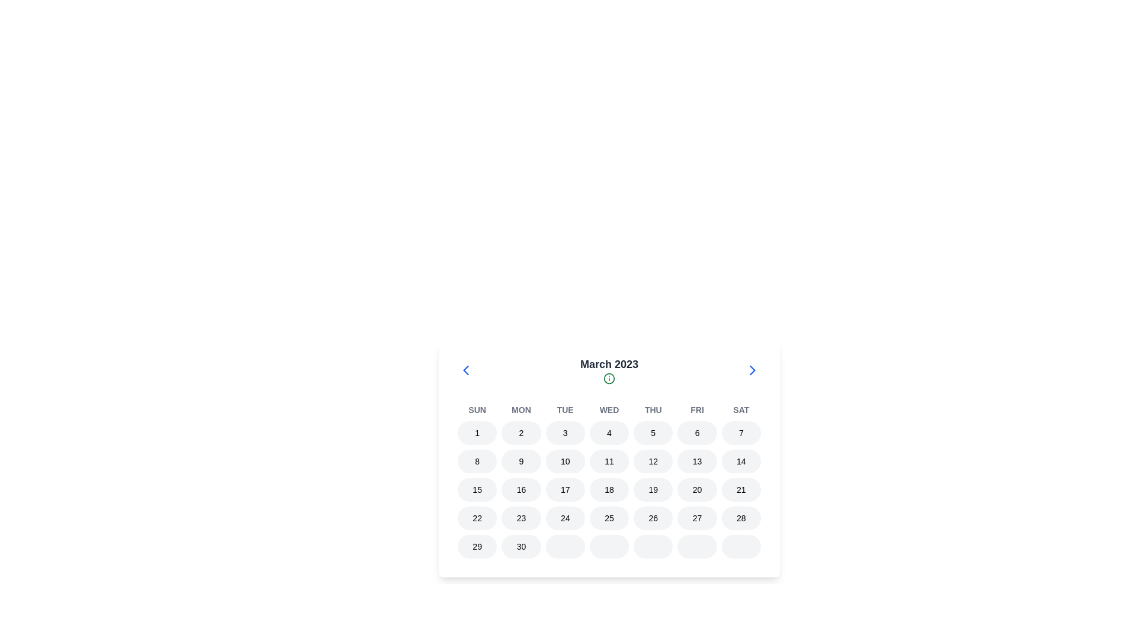 Image resolution: width=1137 pixels, height=639 pixels. What do you see at coordinates (564, 490) in the screenshot?
I see `the small rounded square button with a light grey background and the number '17' centered in black text, which is the third button in the horizontal row representing calendar dates` at bounding box center [564, 490].